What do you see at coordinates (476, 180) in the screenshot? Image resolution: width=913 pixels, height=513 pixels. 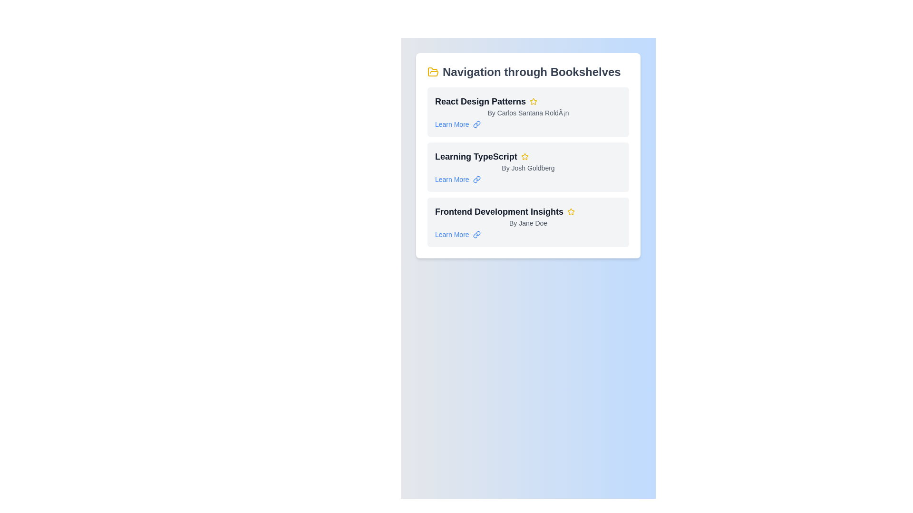 I see `the chain link icon located at the end of the 'Learn More' link` at bounding box center [476, 180].